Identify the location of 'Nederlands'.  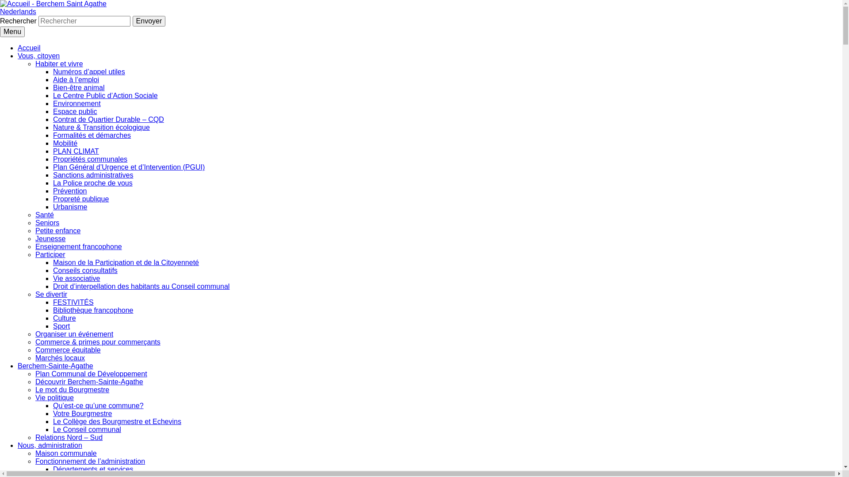
(18, 11).